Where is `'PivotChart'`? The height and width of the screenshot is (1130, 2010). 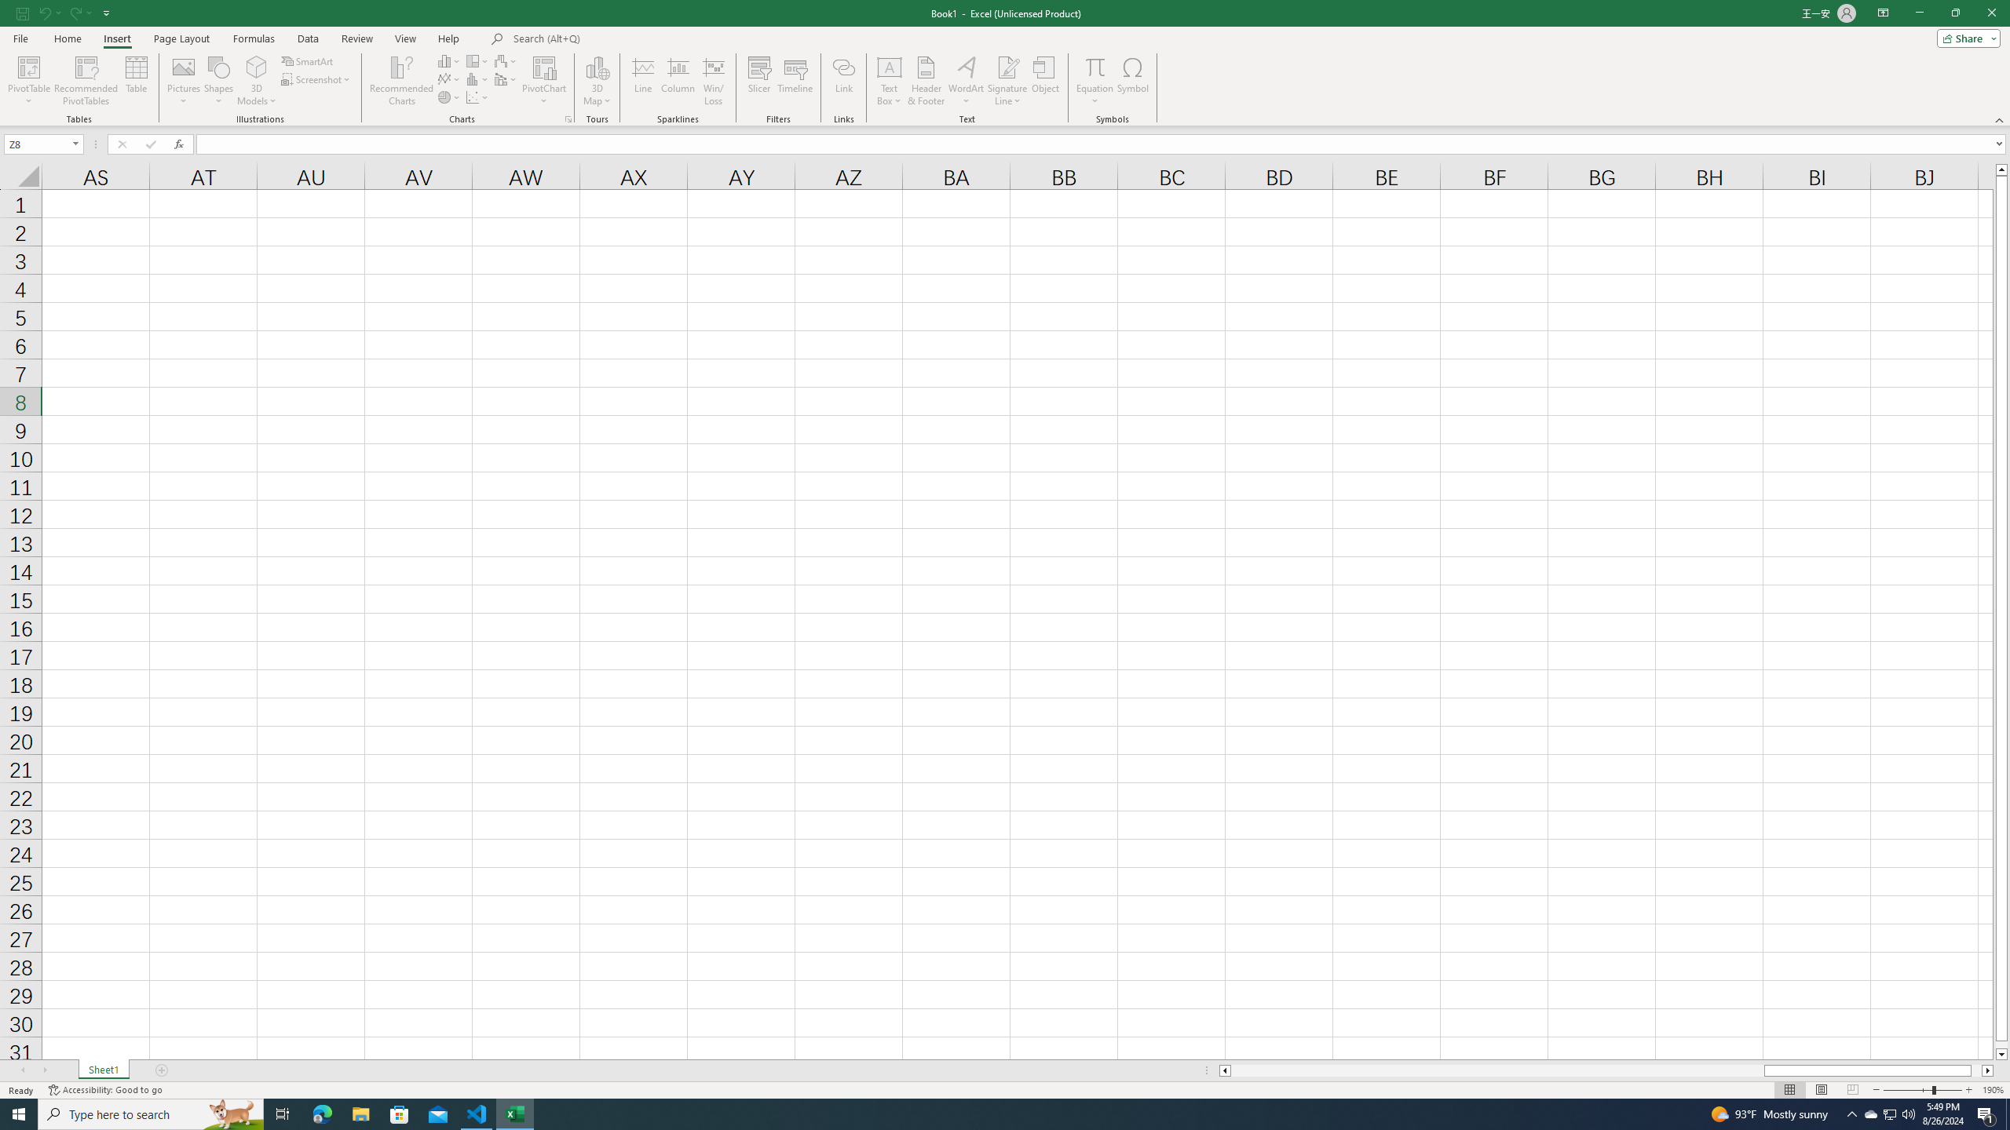 'PivotChart' is located at coordinates (543, 66).